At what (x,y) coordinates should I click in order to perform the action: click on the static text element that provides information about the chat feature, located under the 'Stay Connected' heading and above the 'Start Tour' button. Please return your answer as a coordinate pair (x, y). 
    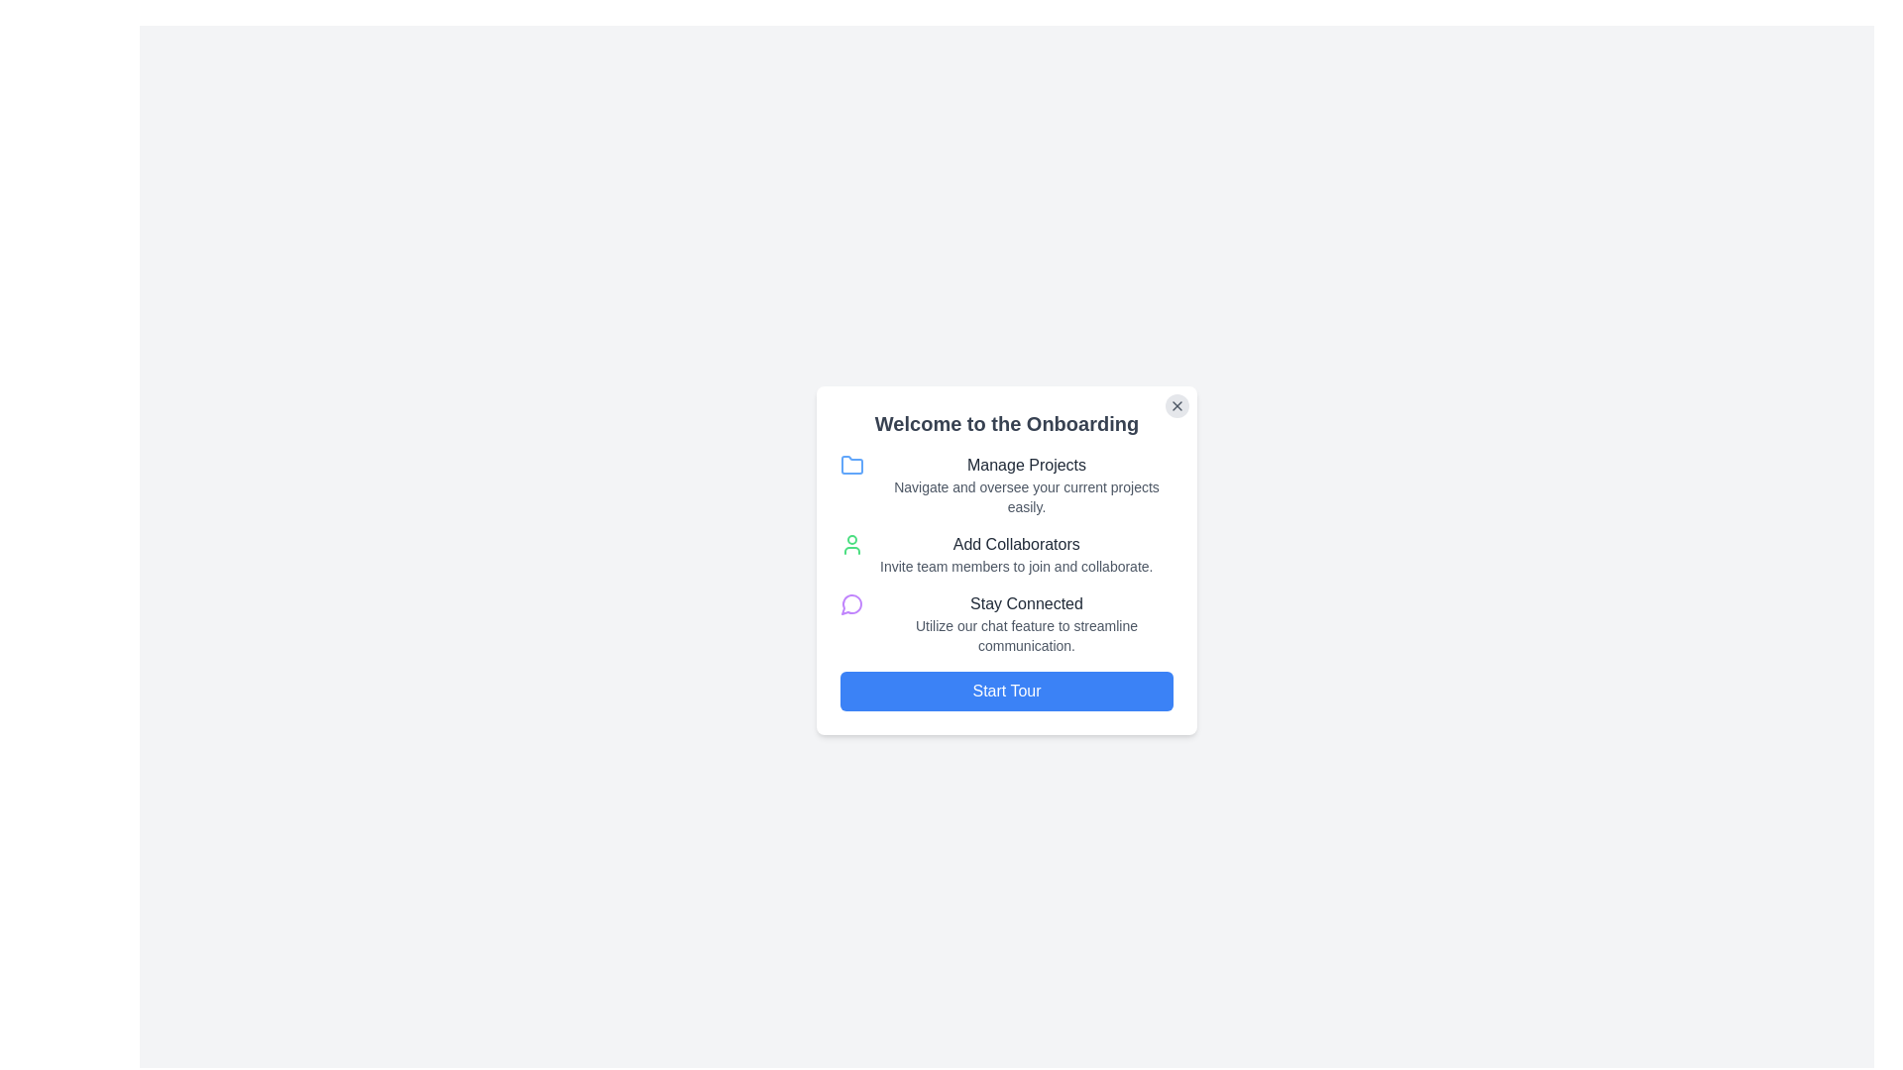
    Looking at the image, I should click on (1027, 635).